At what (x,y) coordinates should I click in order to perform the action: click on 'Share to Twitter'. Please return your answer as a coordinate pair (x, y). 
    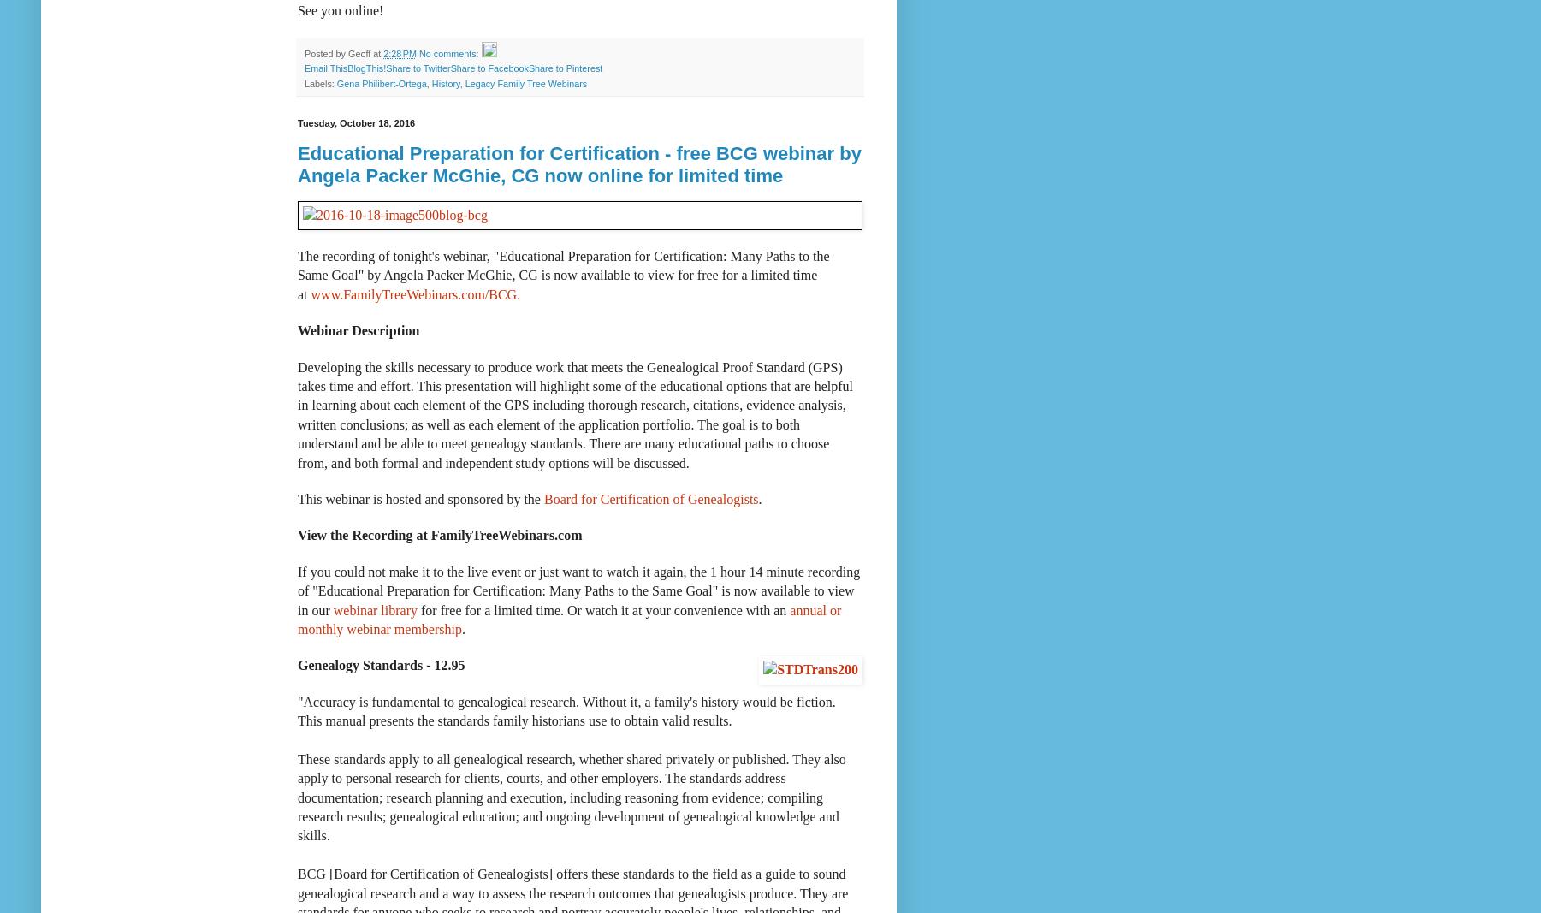
    Looking at the image, I should click on (417, 68).